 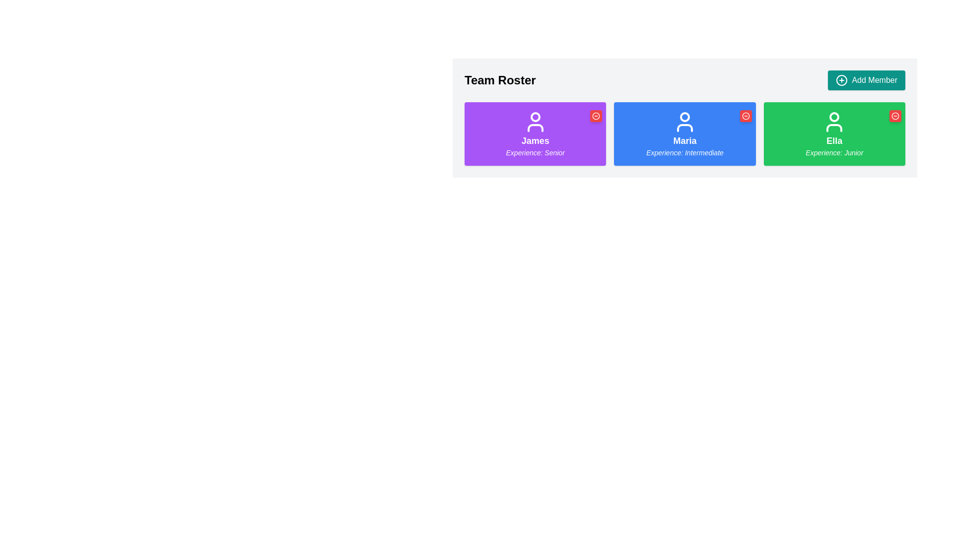 What do you see at coordinates (684, 134) in the screenshot?
I see `the Profile card for the individual named Maria, which is the second card in a row of three, positioned between the purple card labeled 'James' and the green card labeled 'Ella'` at bounding box center [684, 134].